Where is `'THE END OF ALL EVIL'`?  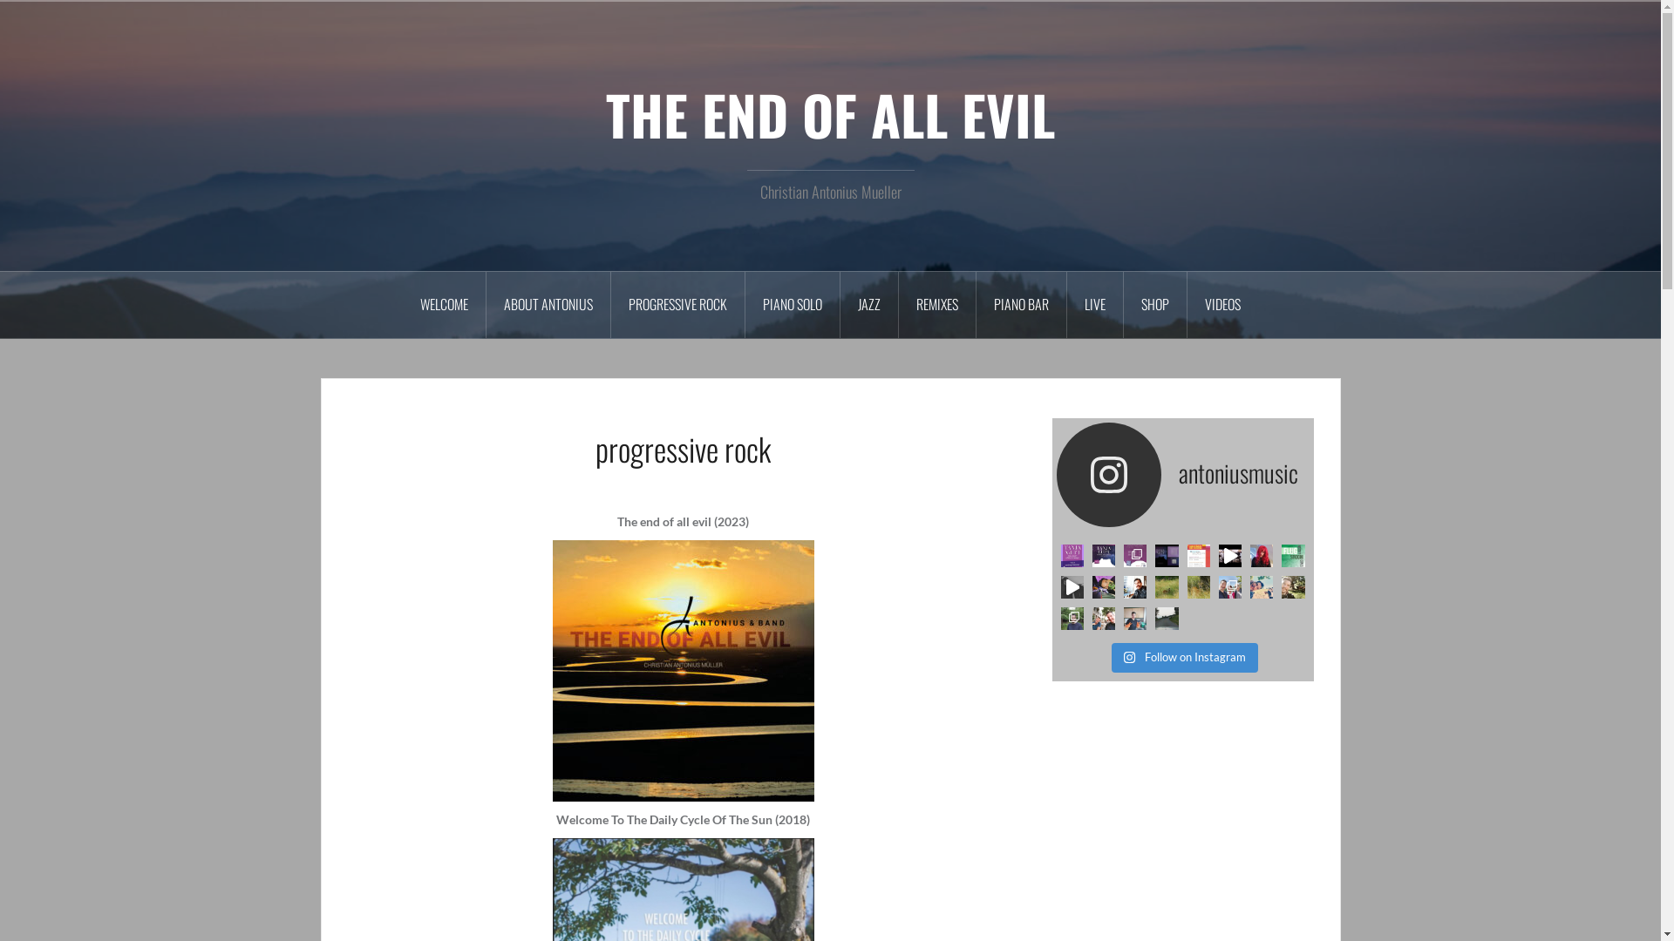 'THE END OF ALL EVIL' is located at coordinates (829, 114).